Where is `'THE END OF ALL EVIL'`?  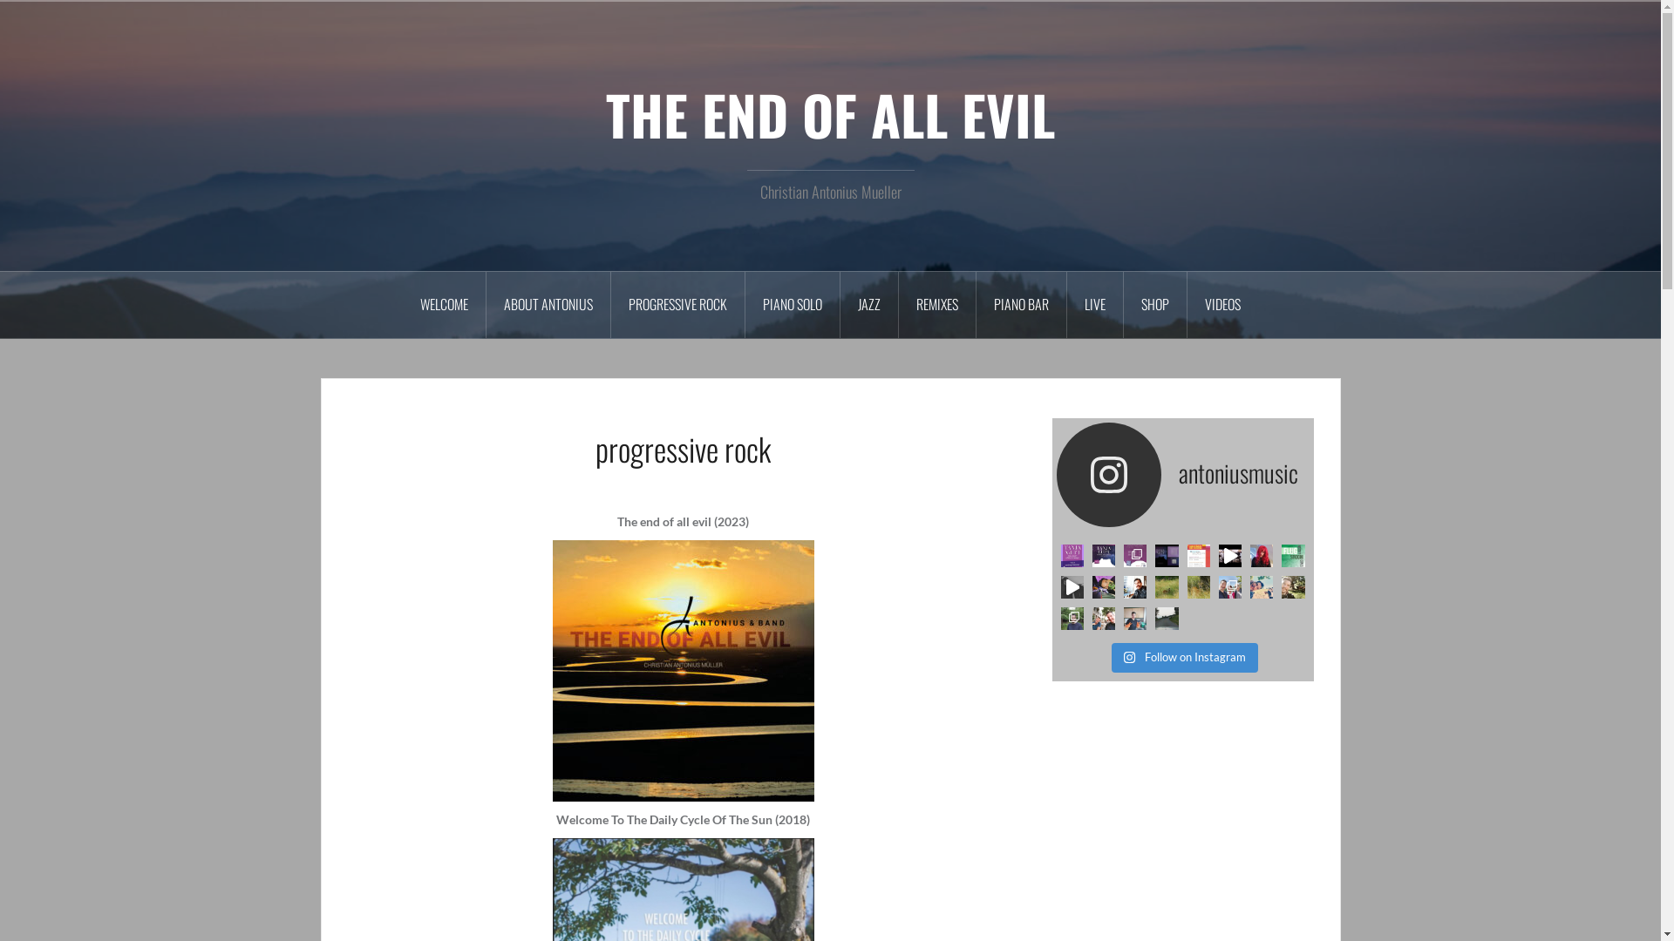 'THE END OF ALL EVIL' is located at coordinates (829, 114).